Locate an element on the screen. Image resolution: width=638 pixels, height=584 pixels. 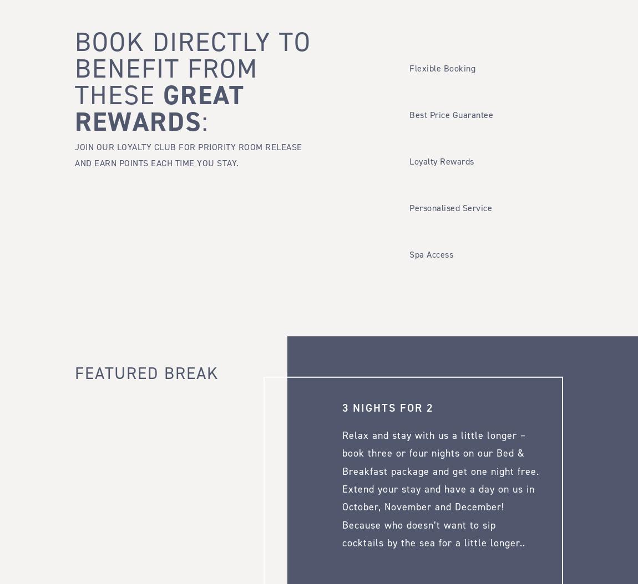
'Book Directly to benefit from these' is located at coordinates (193, 68).